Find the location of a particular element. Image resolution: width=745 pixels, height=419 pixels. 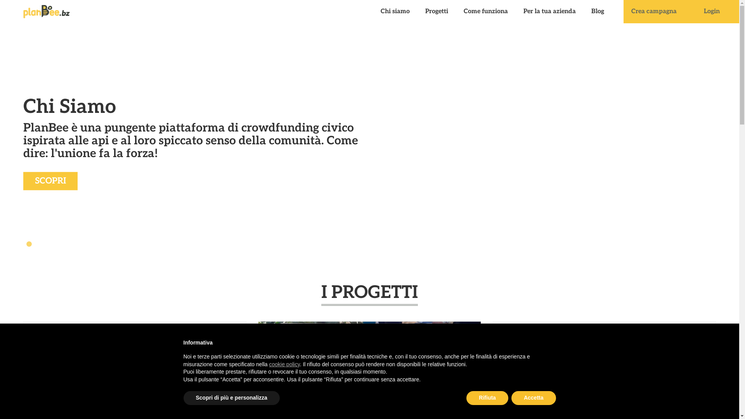

'1' is located at coordinates (29, 244).